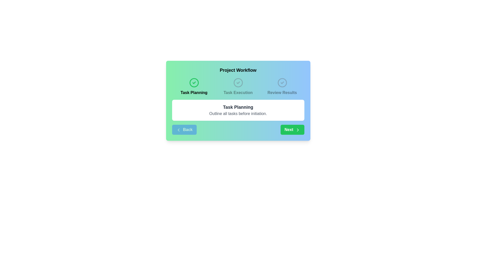 This screenshot has width=481, height=270. Describe the element at coordinates (292, 129) in the screenshot. I see `the 'Next' button to proceed to the next step` at that location.